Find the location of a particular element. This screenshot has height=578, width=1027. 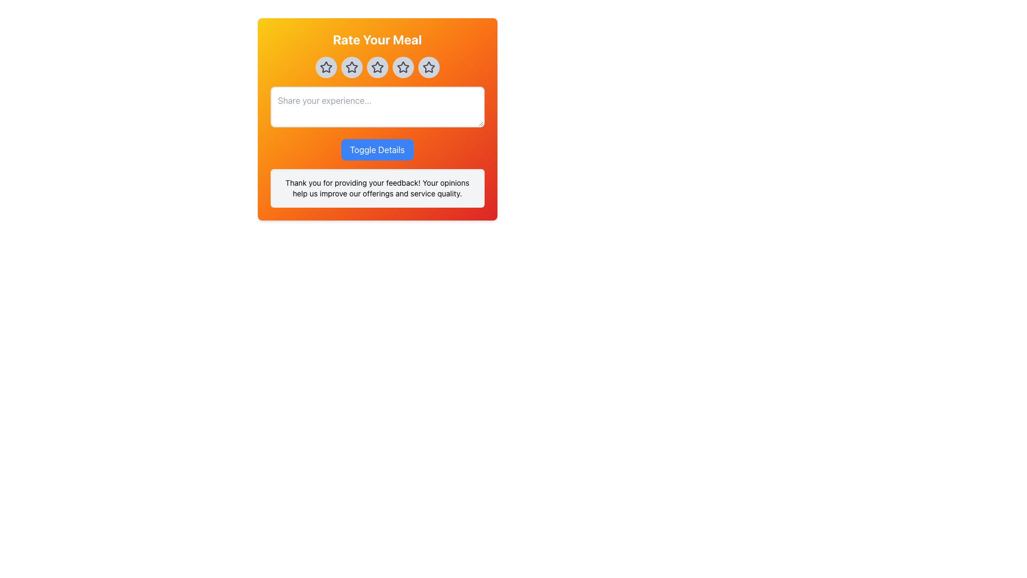

the third star icon in the row of five, which is styled with a gray border and a transparent background, located under the 'Rate Your Meal' header is located at coordinates (351, 67).